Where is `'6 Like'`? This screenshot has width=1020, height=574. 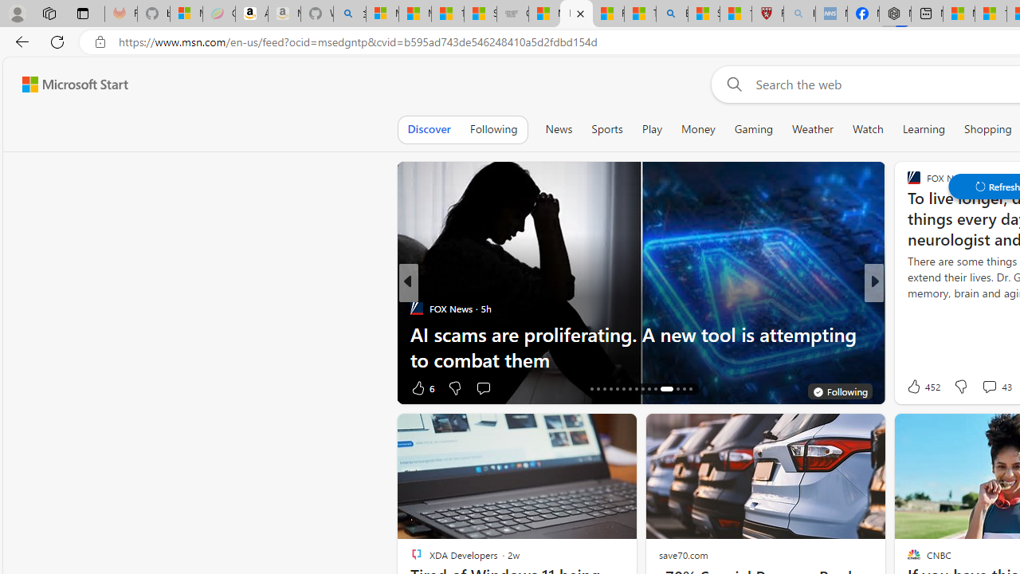
'6 Like' is located at coordinates (422, 387).